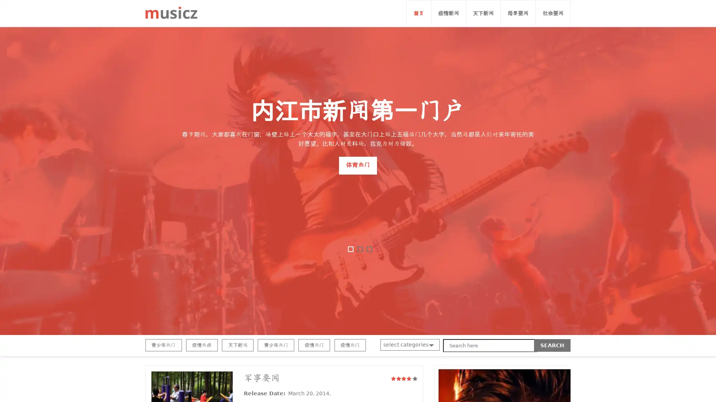 The height and width of the screenshot is (402, 716). What do you see at coordinates (552, 345) in the screenshot?
I see `search` at bounding box center [552, 345].